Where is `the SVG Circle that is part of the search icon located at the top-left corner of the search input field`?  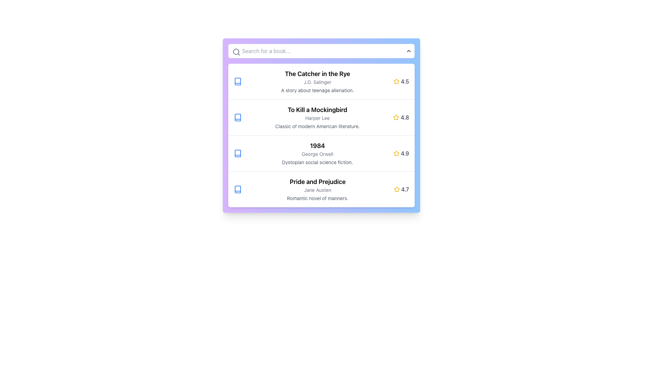
the SVG Circle that is part of the search icon located at the top-left corner of the search input field is located at coordinates (236, 51).